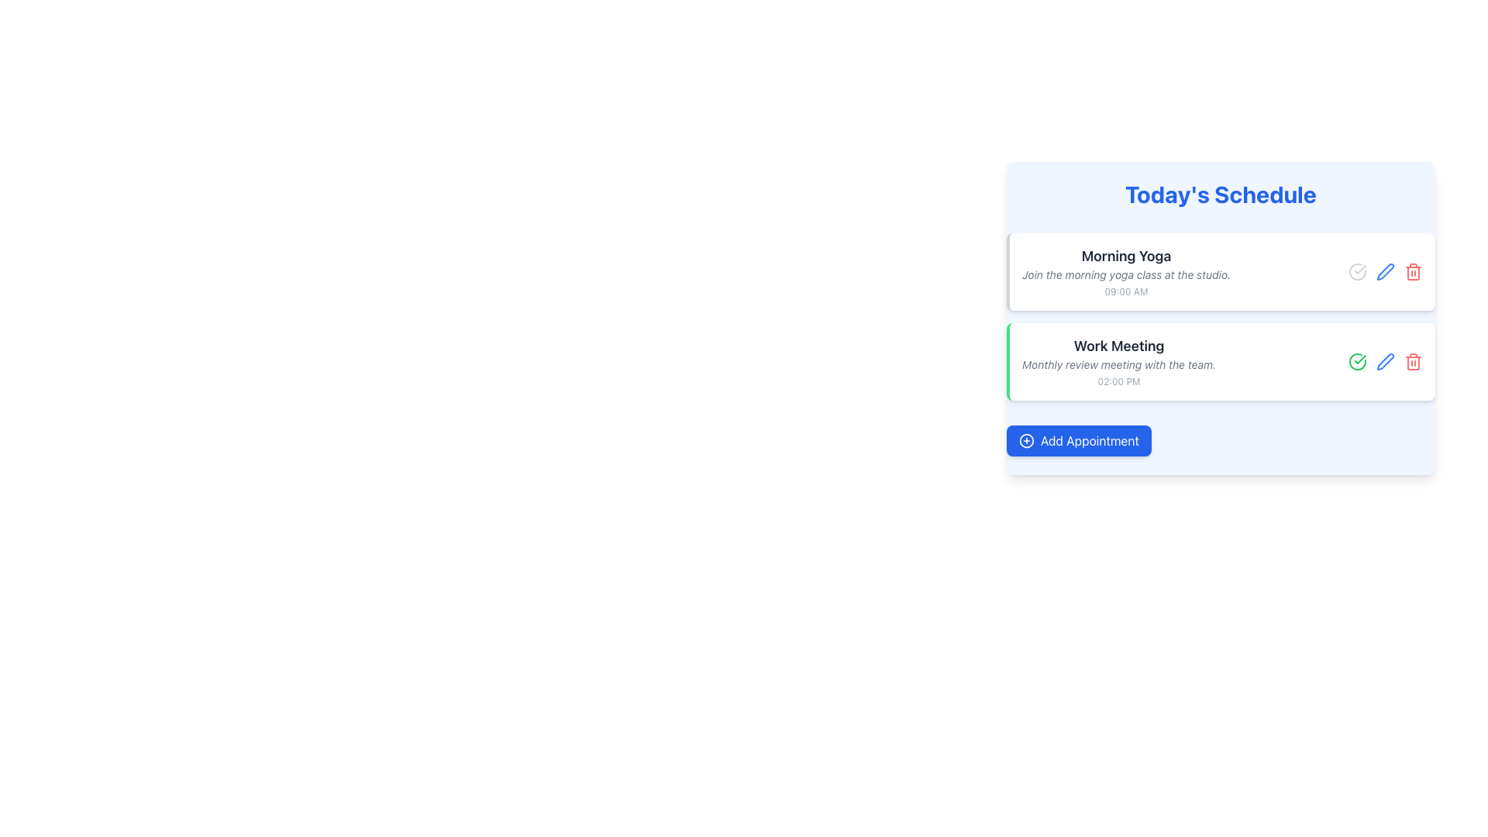 The width and height of the screenshot is (1488, 837). I want to click on the circular green check mark icon to mark the associated action as completed, located to the left of the 'Work Meeting' text, so click(1357, 361).